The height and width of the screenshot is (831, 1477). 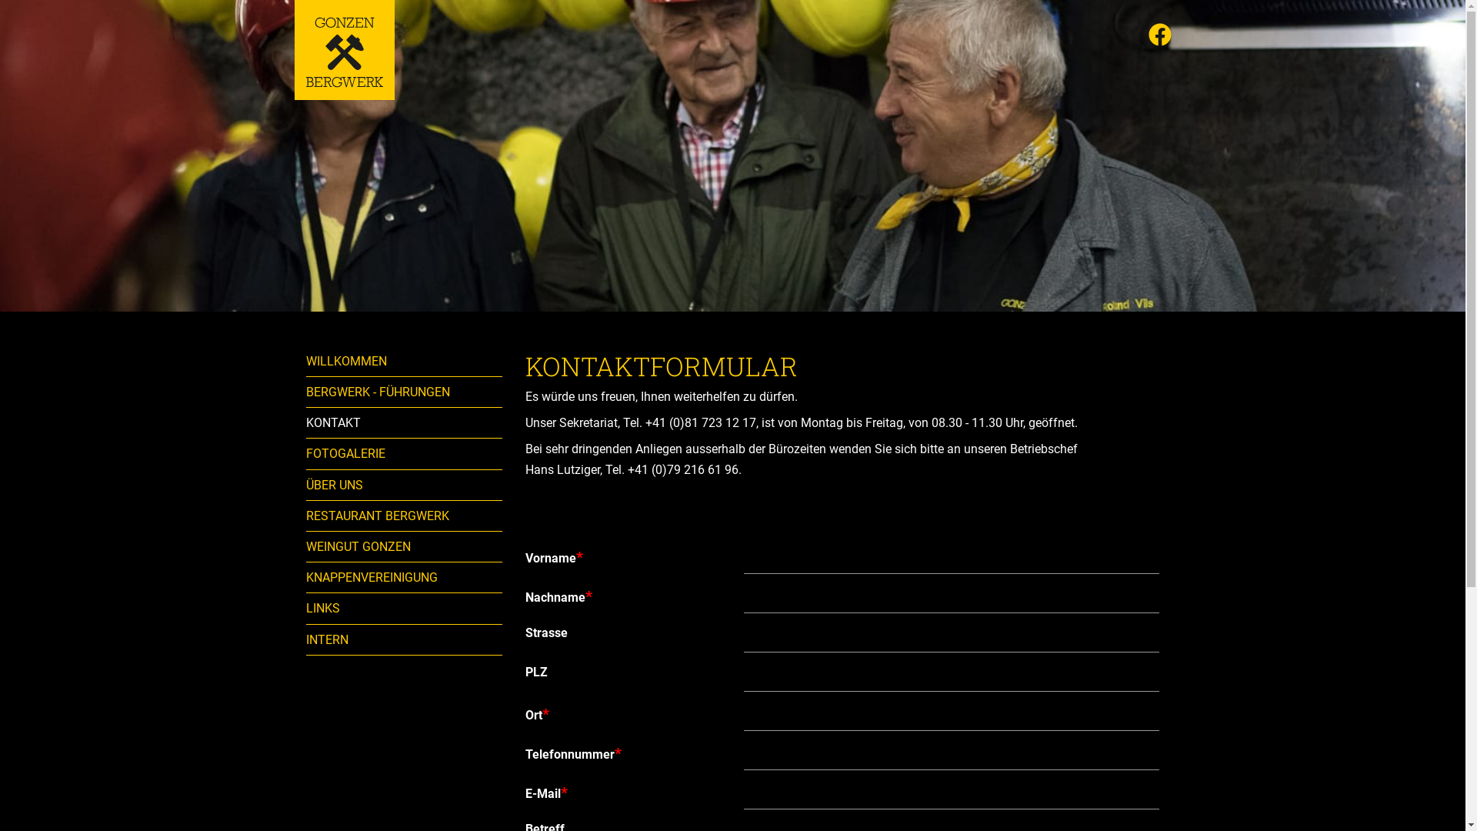 What do you see at coordinates (306, 546) in the screenshot?
I see `'WEINGUT GONZEN'` at bounding box center [306, 546].